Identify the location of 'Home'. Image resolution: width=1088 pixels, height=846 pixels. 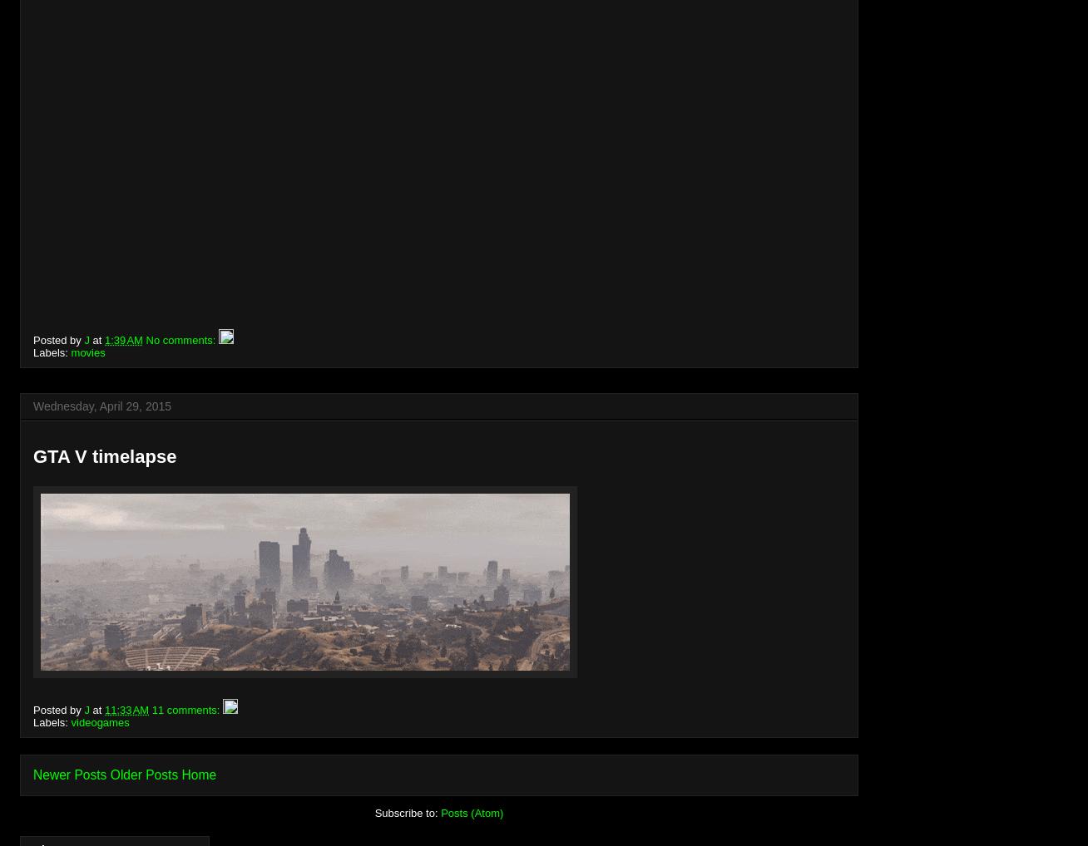
(198, 773).